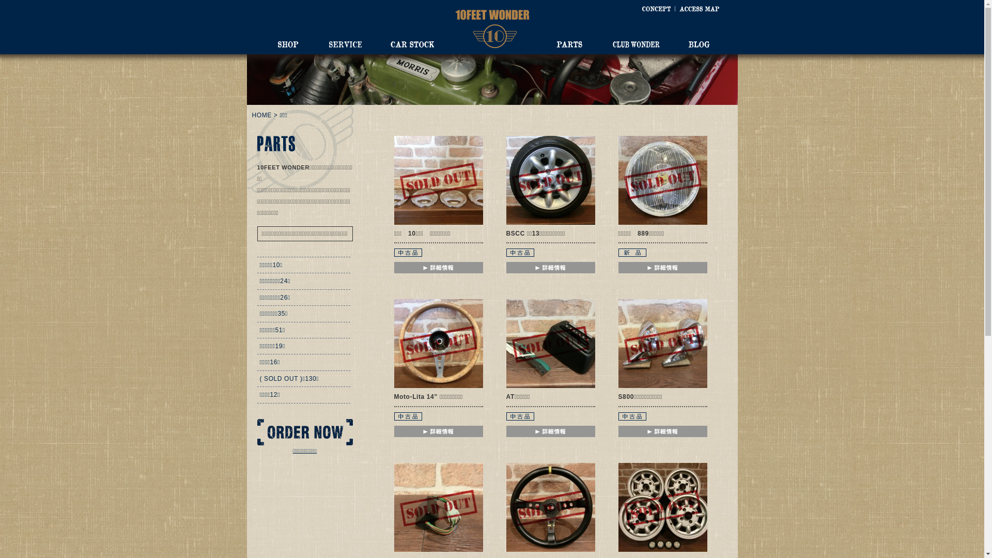 The image size is (992, 558). Describe the element at coordinates (345, 43) in the screenshot. I see `'SERVICE'` at that location.